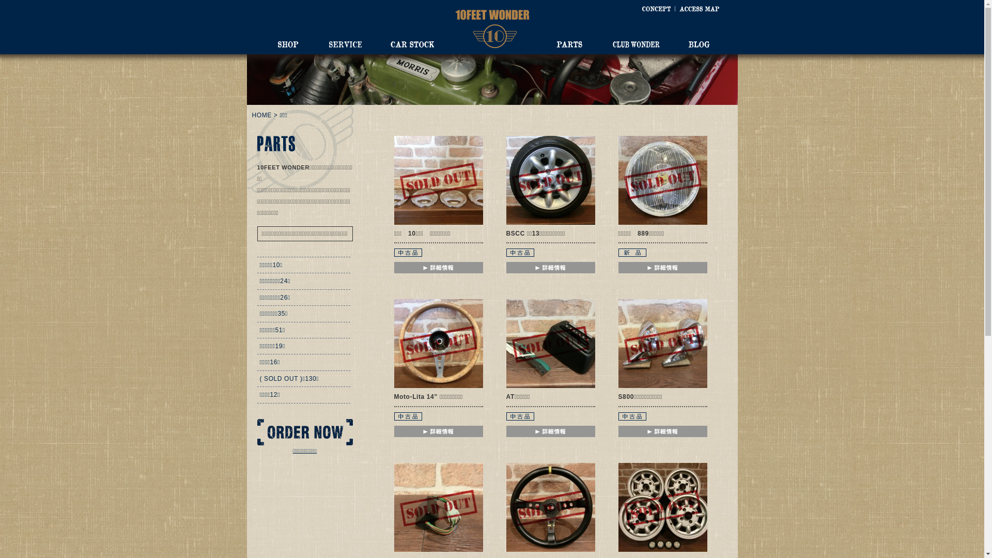 The image size is (992, 558). Describe the element at coordinates (345, 43) in the screenshot. I see `'SERVICE'` at that location.